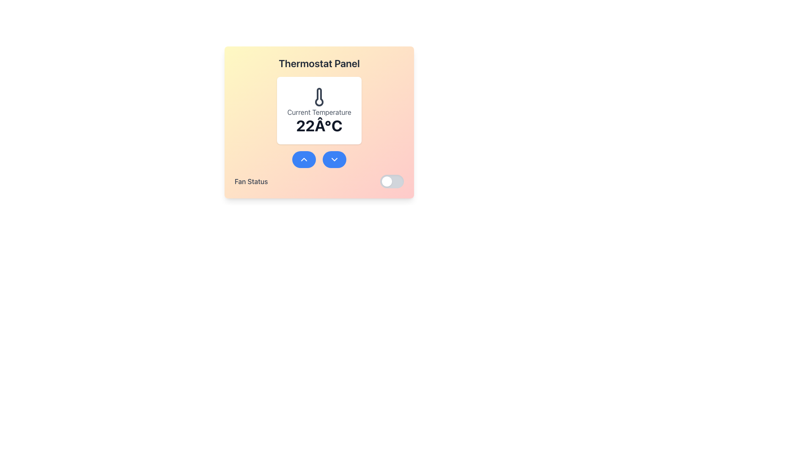  Describe the element at coordinates (318, 63) in the screenshot. I see `the title text of the thermostat card, which describes the purpose of the panel and is located at the top of the card above the temperature display and fan status indicator` at that location.